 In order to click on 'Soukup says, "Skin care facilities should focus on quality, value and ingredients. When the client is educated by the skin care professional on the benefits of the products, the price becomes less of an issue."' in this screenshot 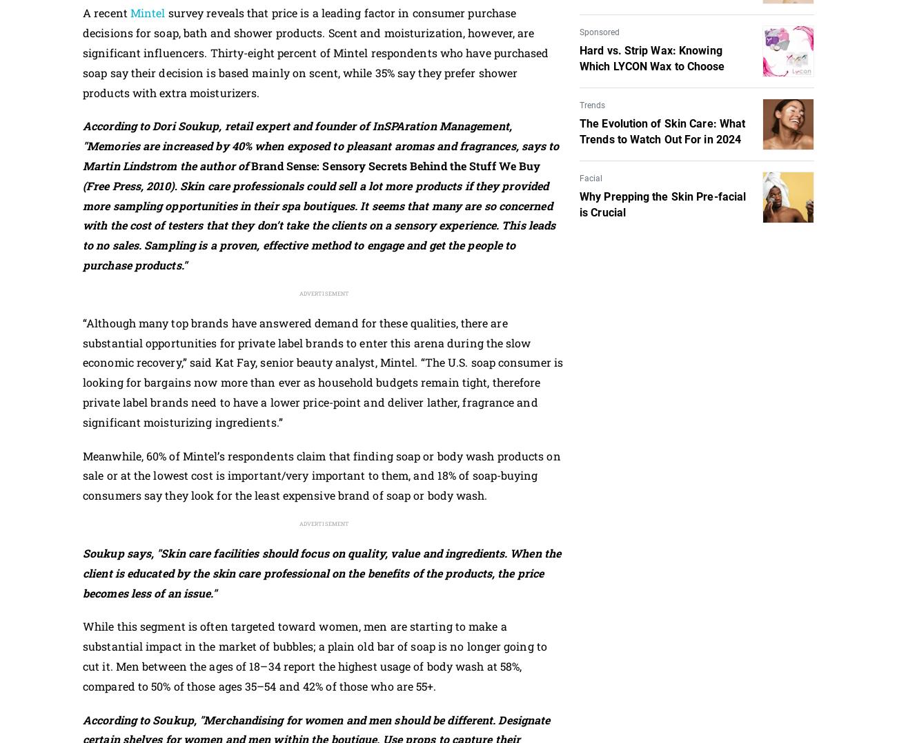, I will do `click(321, 573)`.